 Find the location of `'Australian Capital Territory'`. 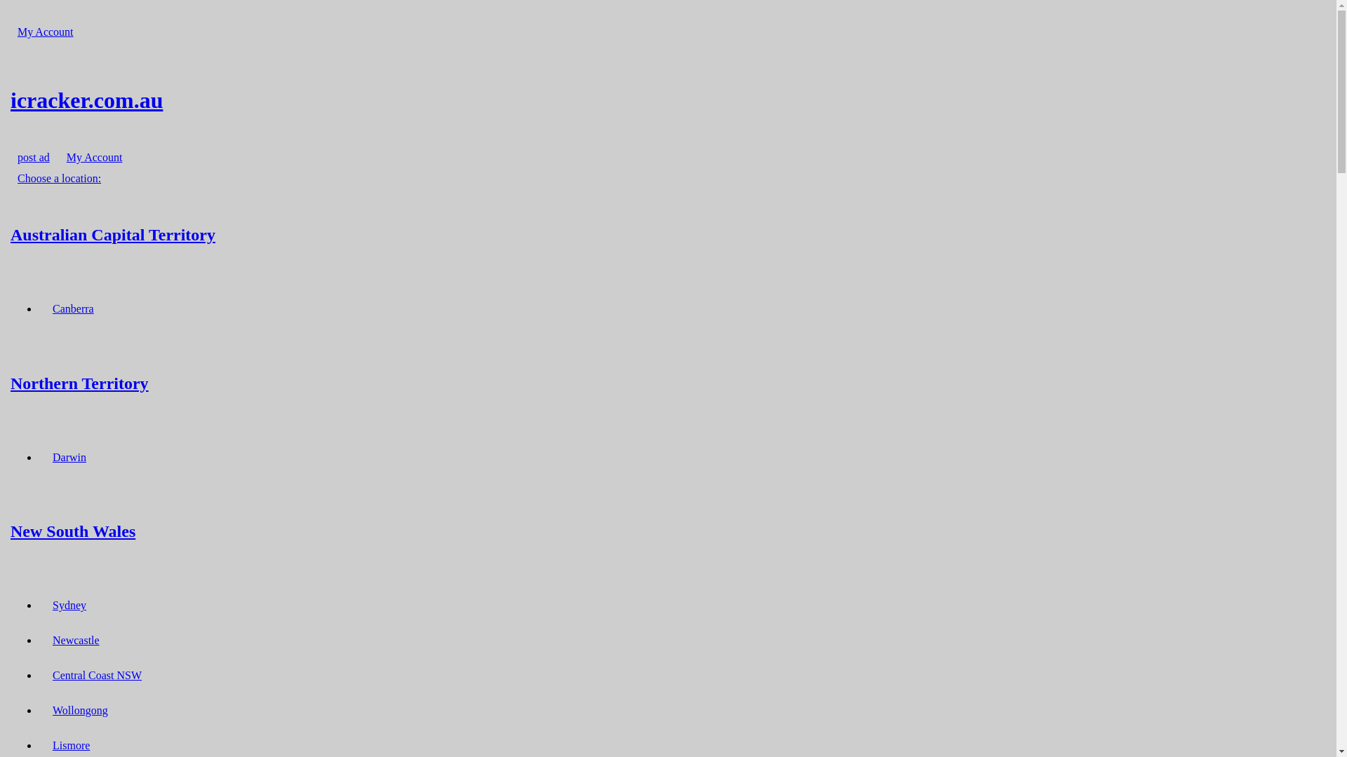

'Australian Capital Territory' is located at coordinates (667, 233).